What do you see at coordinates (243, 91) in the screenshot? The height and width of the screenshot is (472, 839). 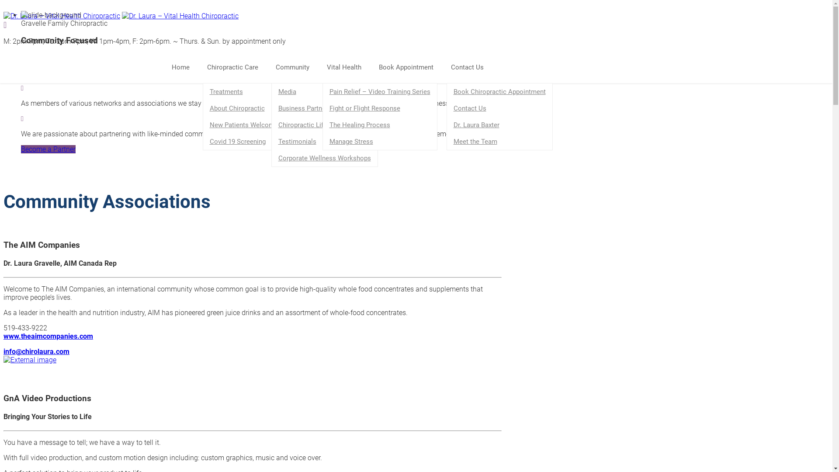 I see `'Treatments'` at bounding box center [243, 91].